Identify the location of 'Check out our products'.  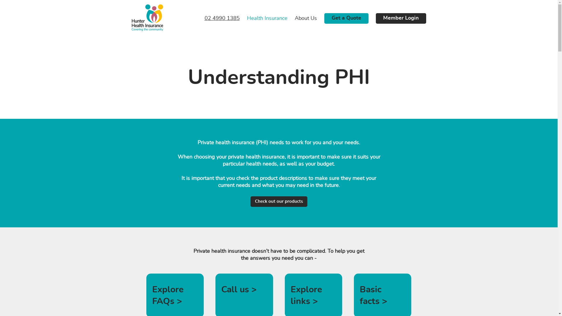
(279, 201).